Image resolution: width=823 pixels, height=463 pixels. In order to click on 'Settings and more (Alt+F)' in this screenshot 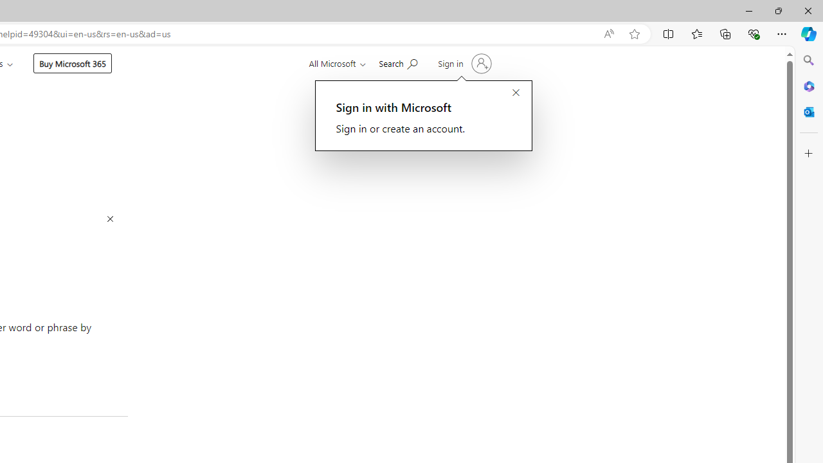, I will do `click(781, 33)`.